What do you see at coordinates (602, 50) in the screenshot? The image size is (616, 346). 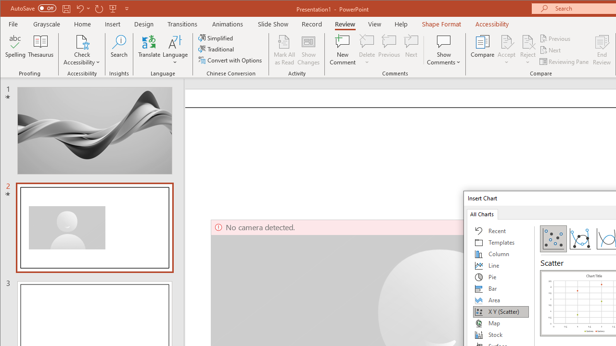 I see `'End Review'` at bounding box center [602, 50].